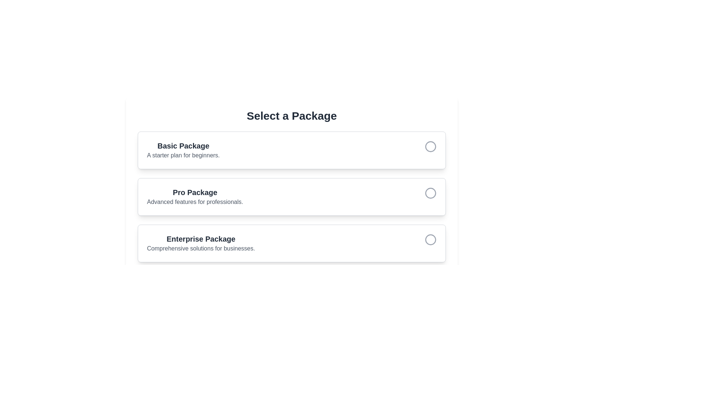 Image resolution: width=711 pixels, height=399 pixels. I want to click on the static text element that reads 'Enterprise Package', which is styled in large bold font and located in the third package option section above the subtext 'Comprehensive solutions for businesses', so click(201, 239).